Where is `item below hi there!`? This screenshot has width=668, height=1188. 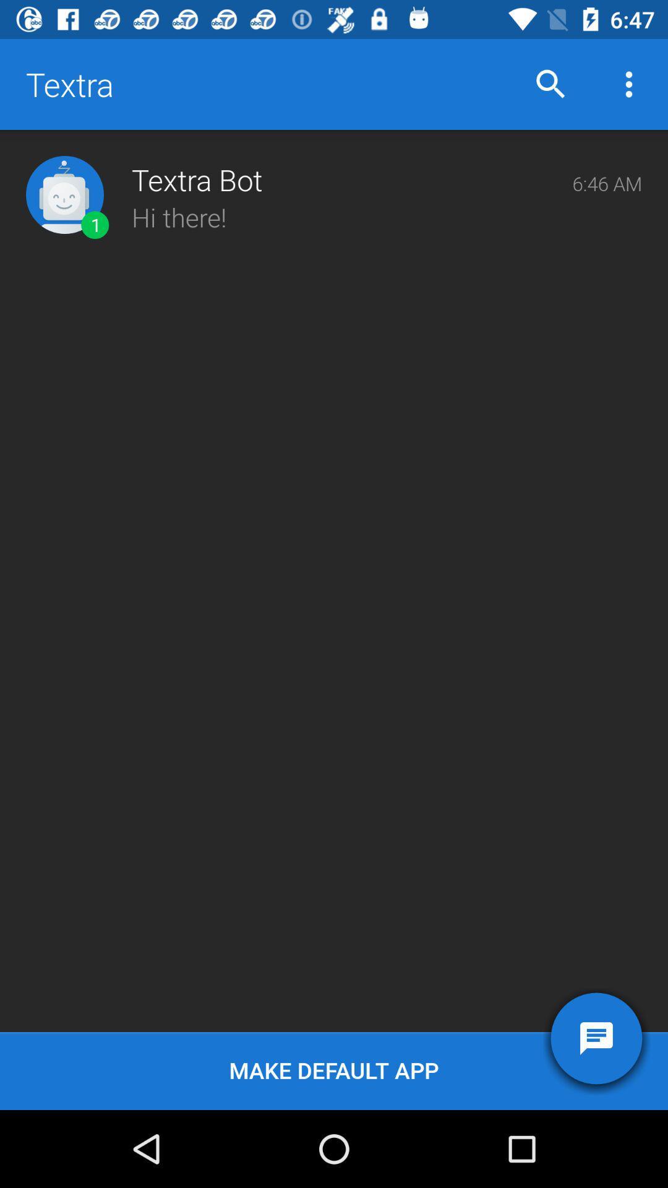
item below hi there! is located at coordinates (596, 1038).